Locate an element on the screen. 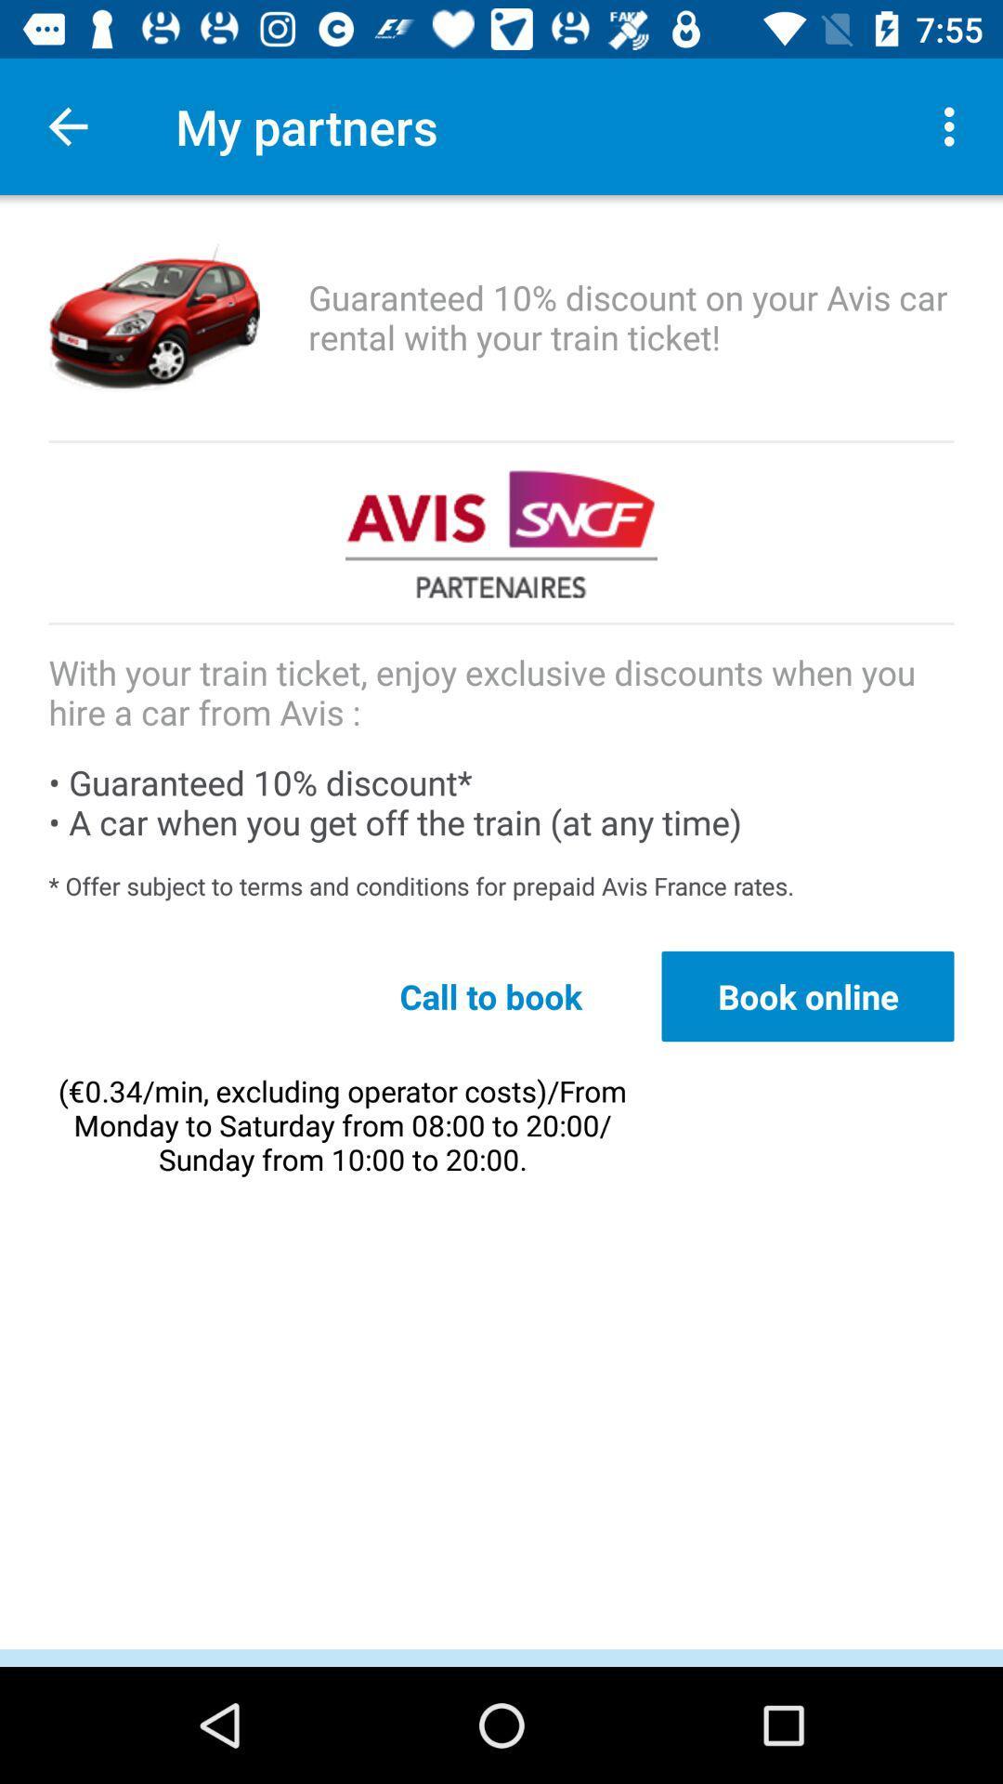 This screenshot has height=1784, width=1003. item to the left of the book online is located at coordinates (489, 995).